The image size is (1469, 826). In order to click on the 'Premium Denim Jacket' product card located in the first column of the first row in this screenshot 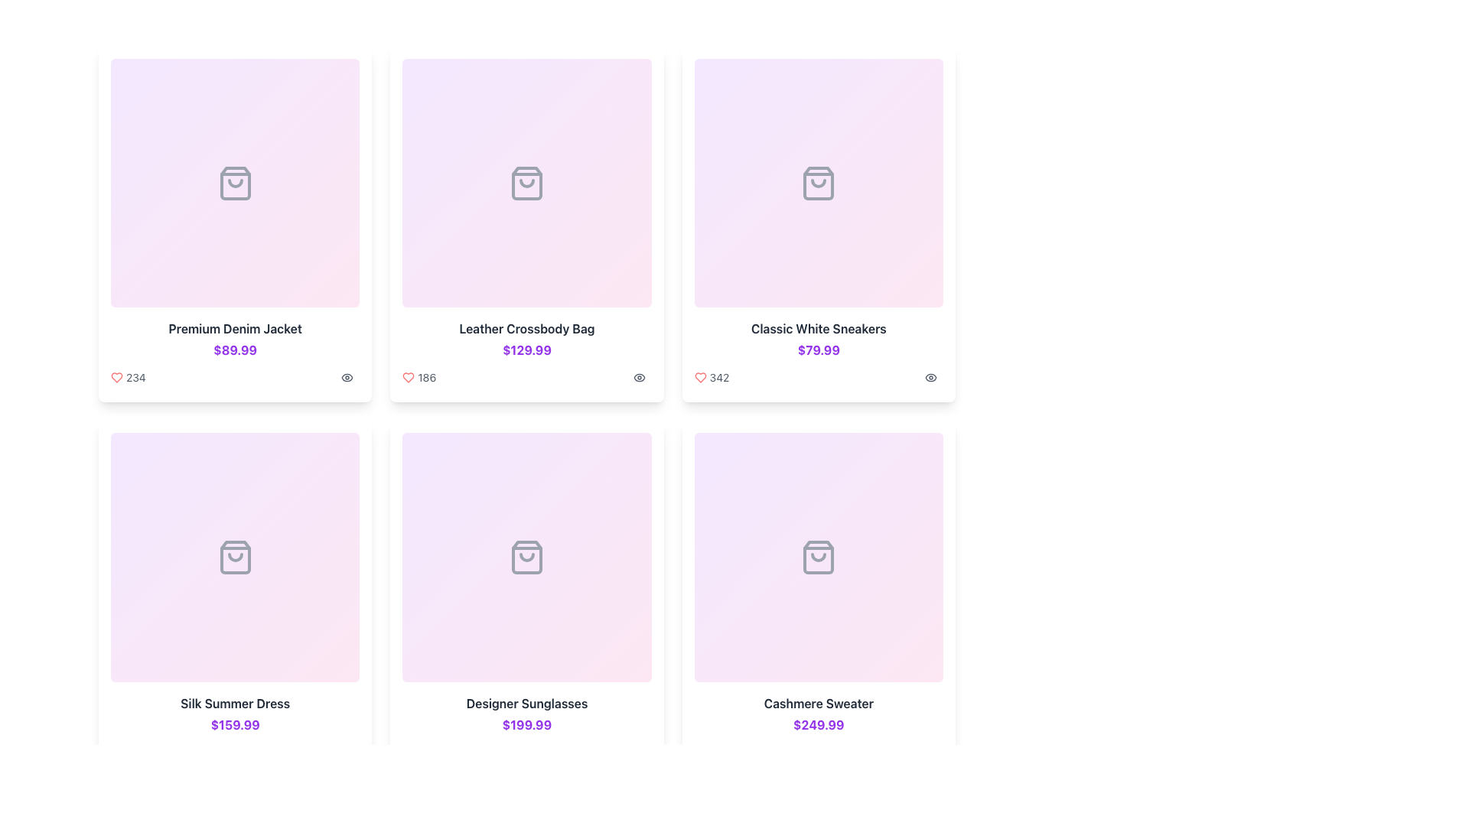, I will do `click(234, 224)`.